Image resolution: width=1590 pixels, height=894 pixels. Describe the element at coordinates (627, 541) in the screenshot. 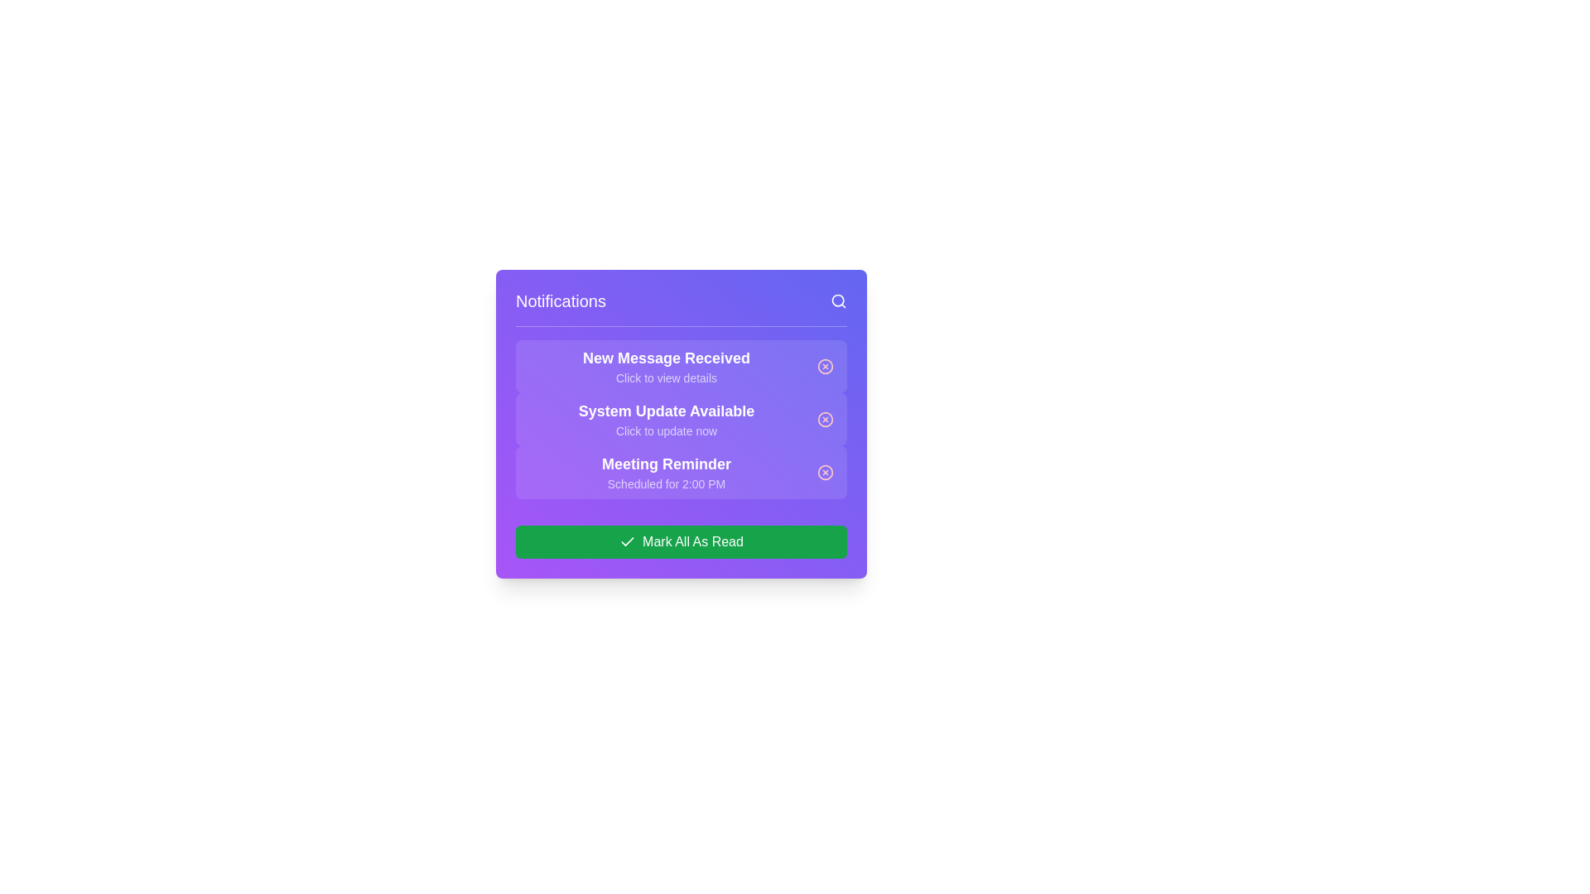

I see `the checkmark icon within the 'Mark All As Read' button at the bottom of the notifications panel, which has a minimal style with a green background indicating a completion action` at that location.